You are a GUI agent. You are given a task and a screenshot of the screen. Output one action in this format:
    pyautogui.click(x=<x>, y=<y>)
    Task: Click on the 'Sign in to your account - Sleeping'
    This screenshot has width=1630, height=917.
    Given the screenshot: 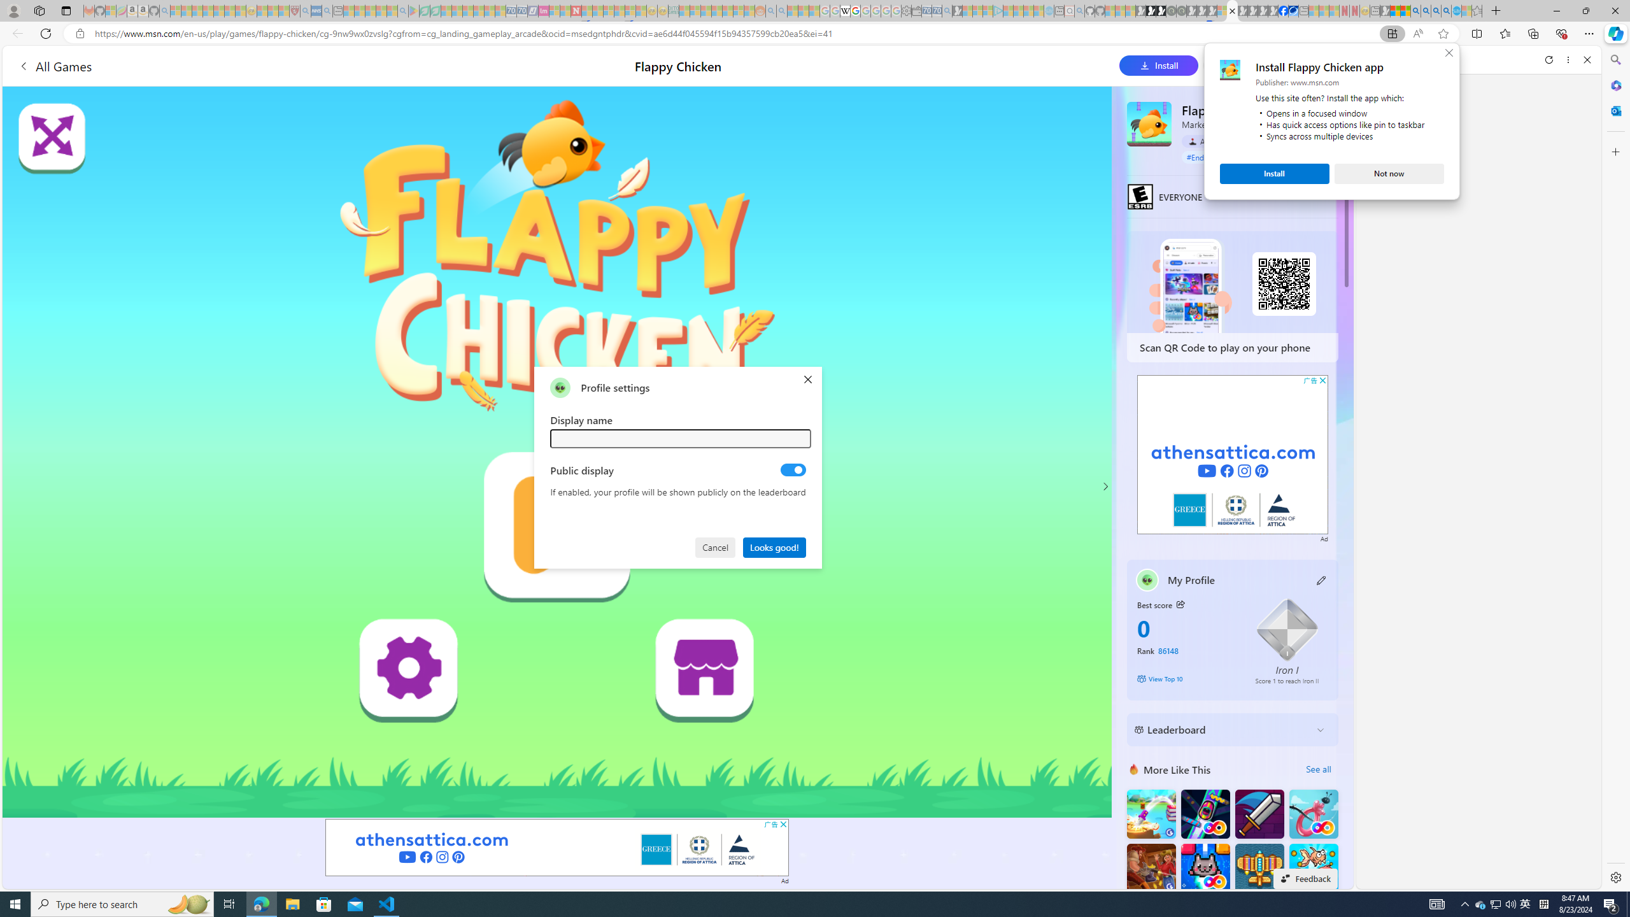 What is the action you would take?
    pyautogui.click(x=1221, y=10)
    